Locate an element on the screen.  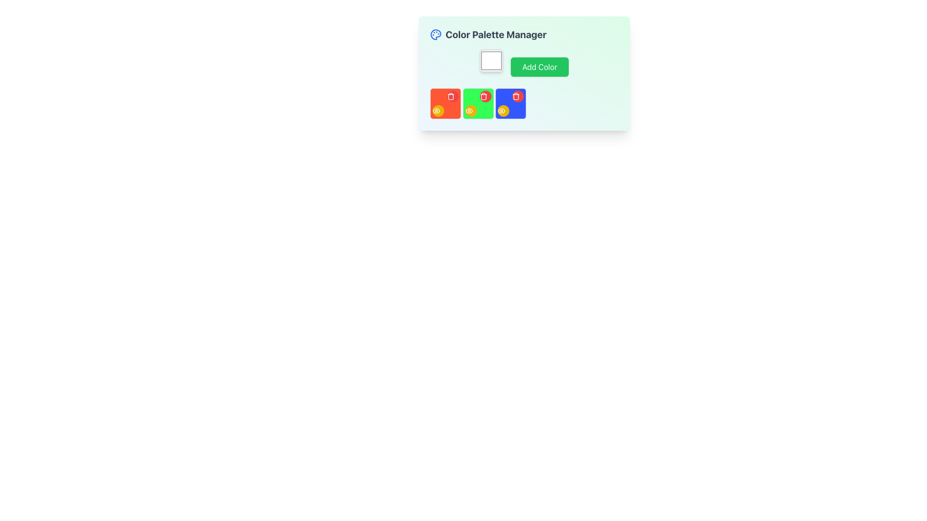
the first square tile with a red background and light border is located at coordinates (445, 104).